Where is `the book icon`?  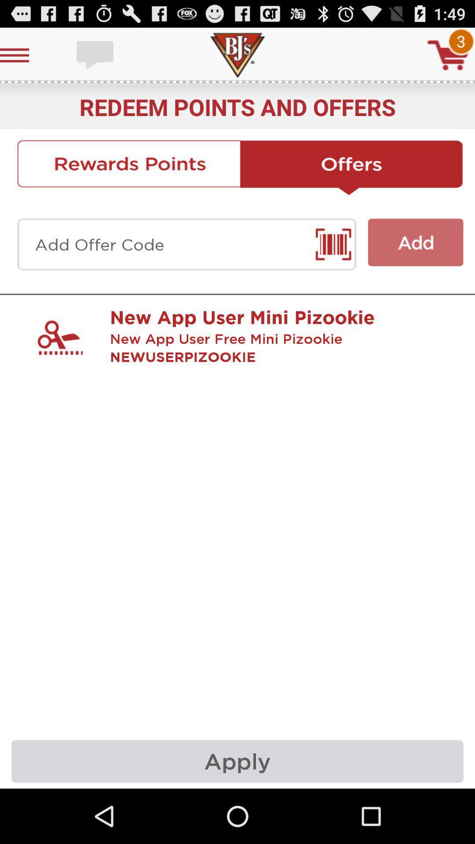 the book icon is located at coordinates (336, 261).